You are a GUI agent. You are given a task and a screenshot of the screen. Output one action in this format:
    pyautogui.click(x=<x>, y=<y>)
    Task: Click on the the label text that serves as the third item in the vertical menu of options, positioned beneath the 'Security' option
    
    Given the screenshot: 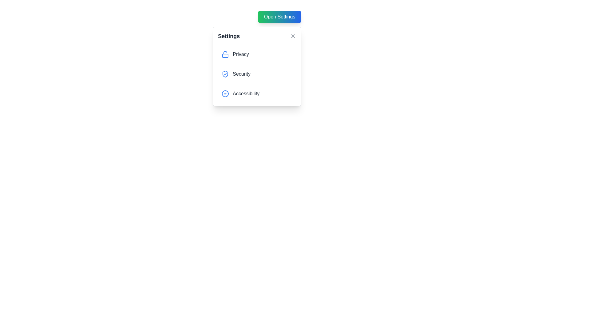 What is the action you would take?
    pyautogui.click(x=246, y=93)
    